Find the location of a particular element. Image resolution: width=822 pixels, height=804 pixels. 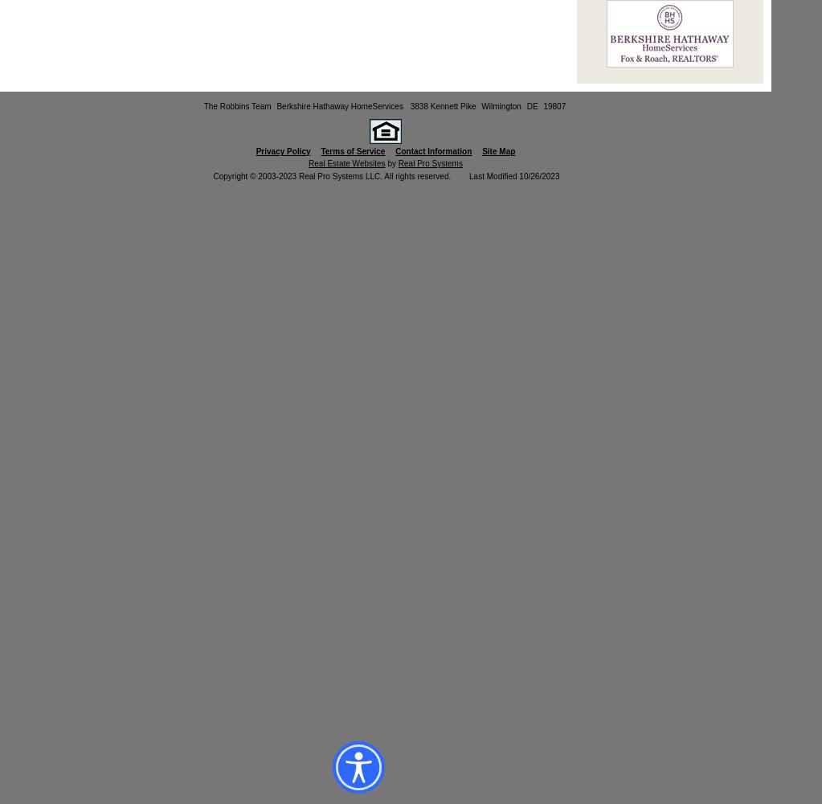

'The Robbins Team' is located at coordinates (202, 106).